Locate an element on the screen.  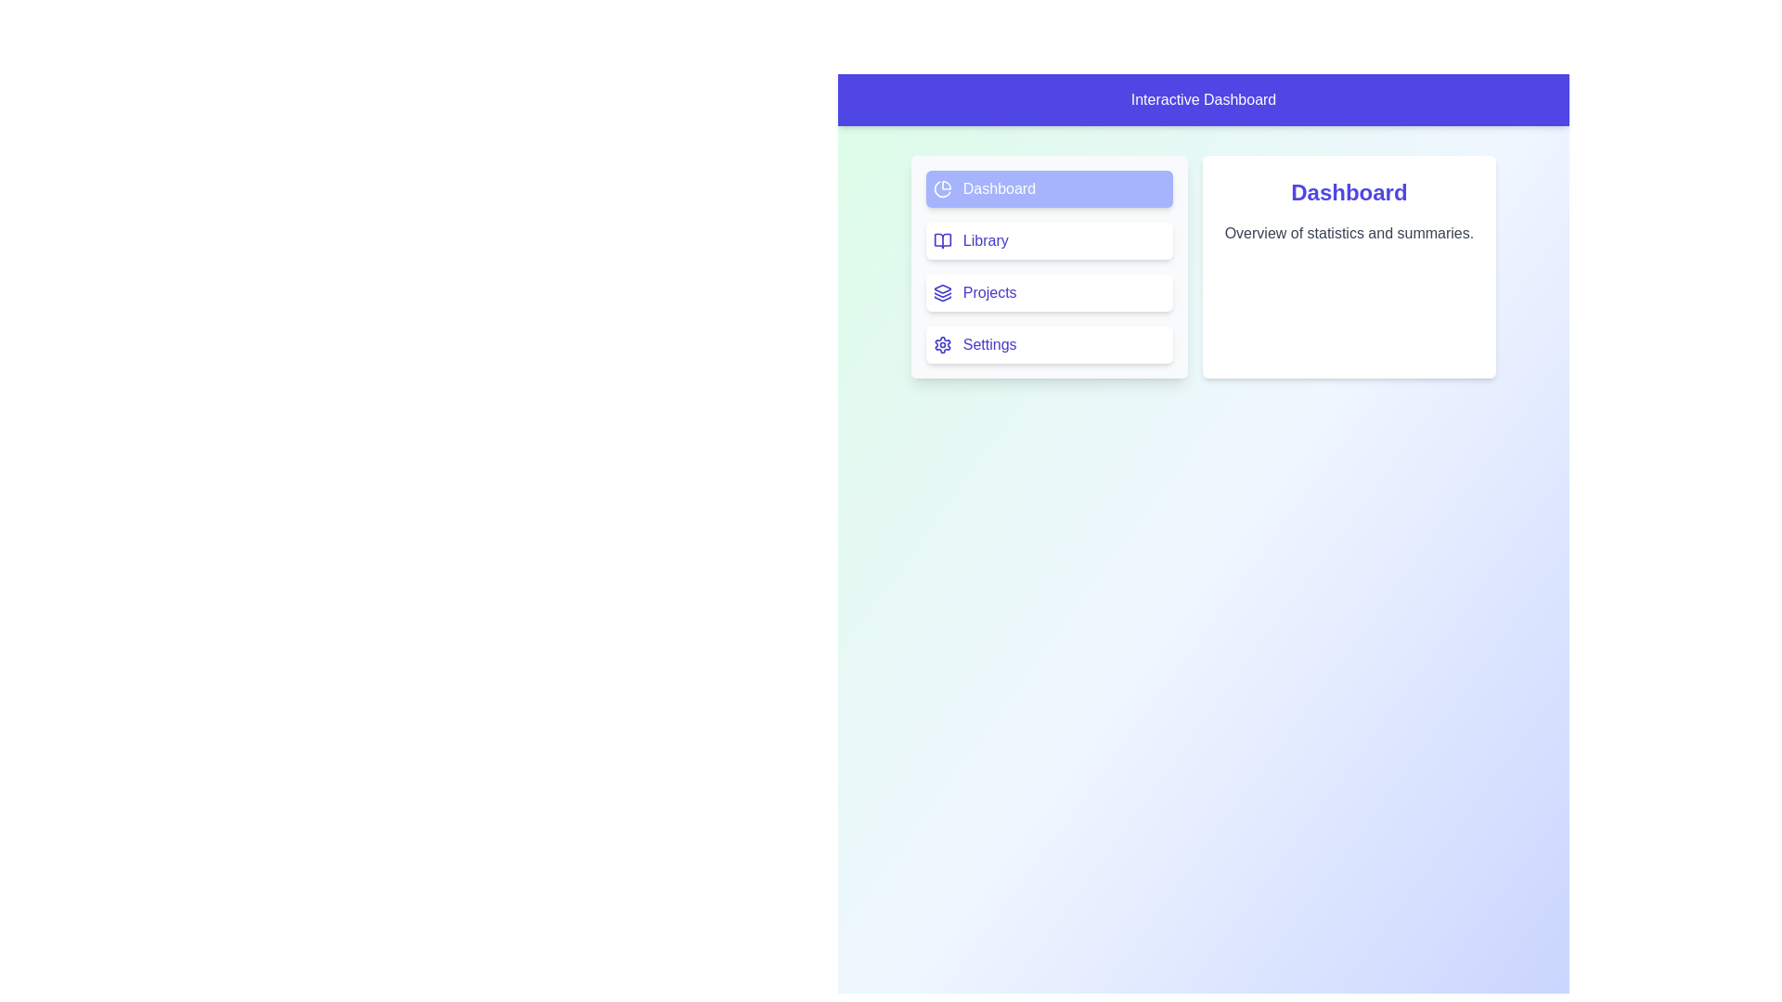
the tab Settings from the navigation menu is located at coordinates (1049, 344).